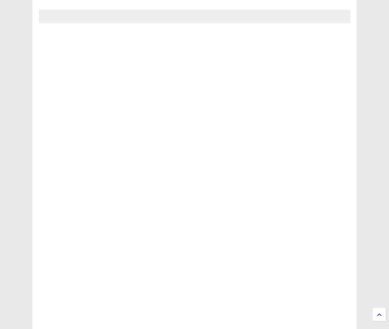  What do you see at coordinates (68, 246) in the screenshot?
I see `'Accounting Course'` at bounding box center [68, 246].